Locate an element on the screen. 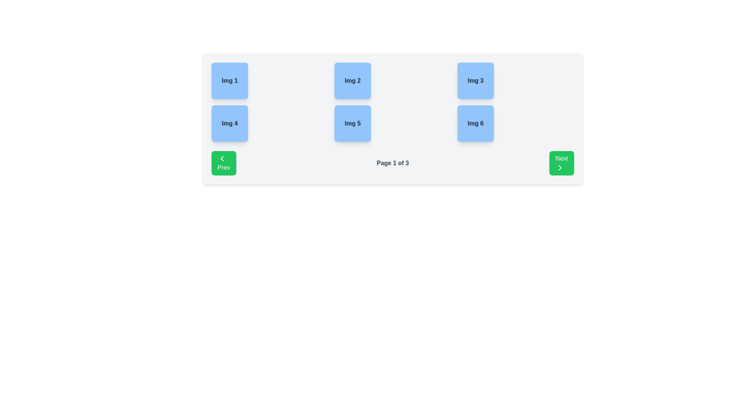 The width and height of the screenshot is (733, 412). the centered pagination control displaying 'Page 1 of 3', located between the 'Prev' and 'Next' buttons is located at coordinates (392, 163).